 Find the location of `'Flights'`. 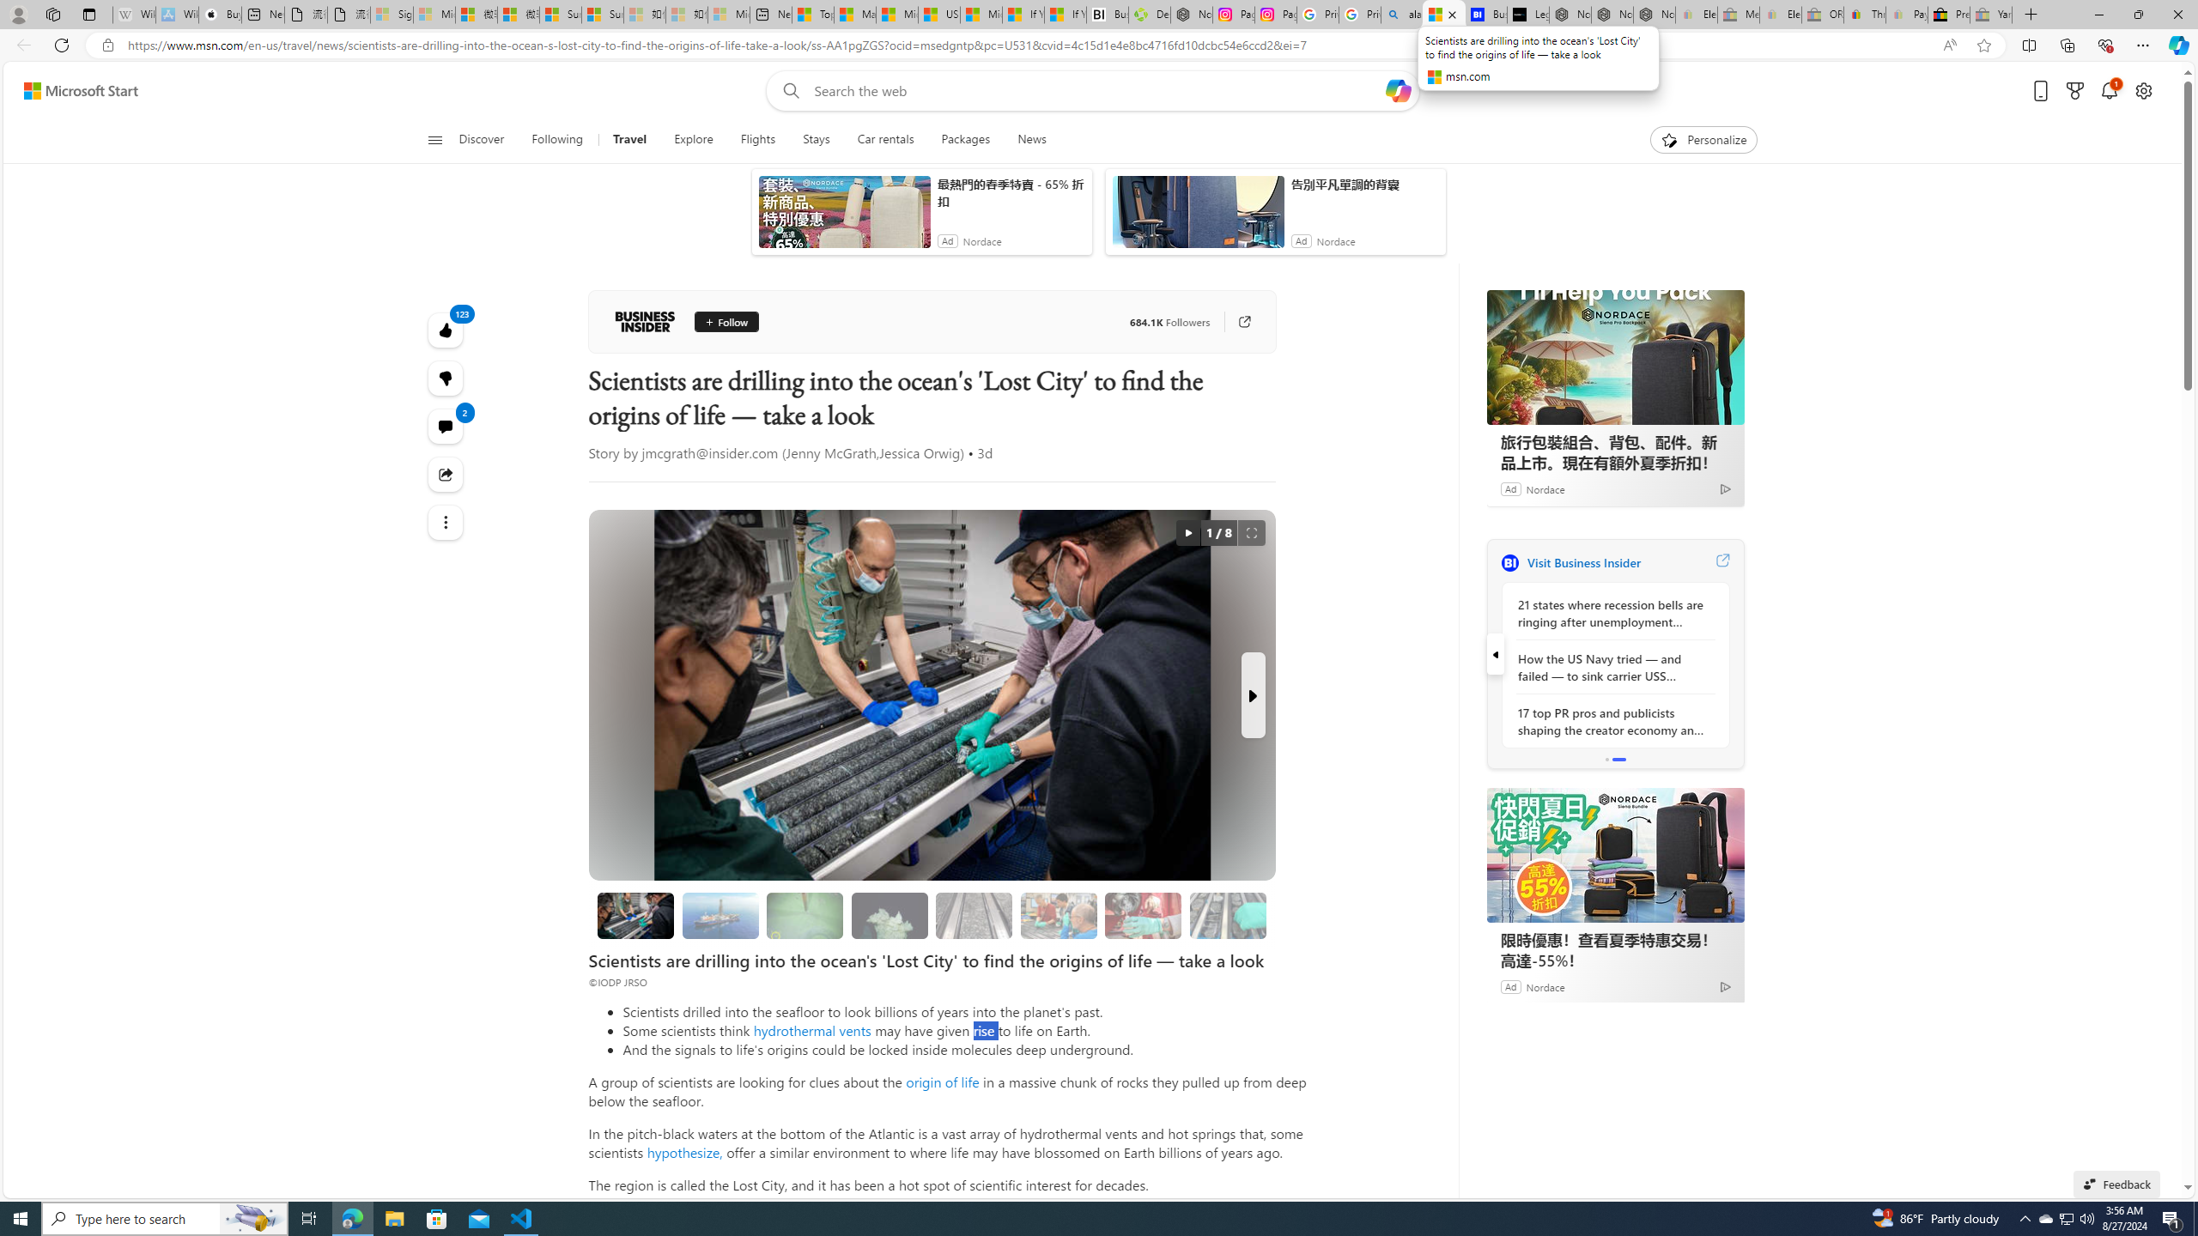

'Flights' is located at coordinates (757, 139).